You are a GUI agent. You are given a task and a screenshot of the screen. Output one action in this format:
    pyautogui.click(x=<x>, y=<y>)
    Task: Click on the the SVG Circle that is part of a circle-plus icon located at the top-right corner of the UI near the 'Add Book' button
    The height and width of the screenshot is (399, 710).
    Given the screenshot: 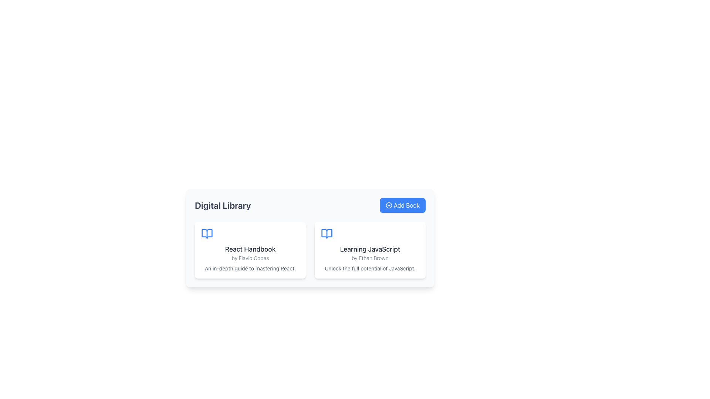 What is the action you would take?
    pyautogui.click(x=388, y=205)
    